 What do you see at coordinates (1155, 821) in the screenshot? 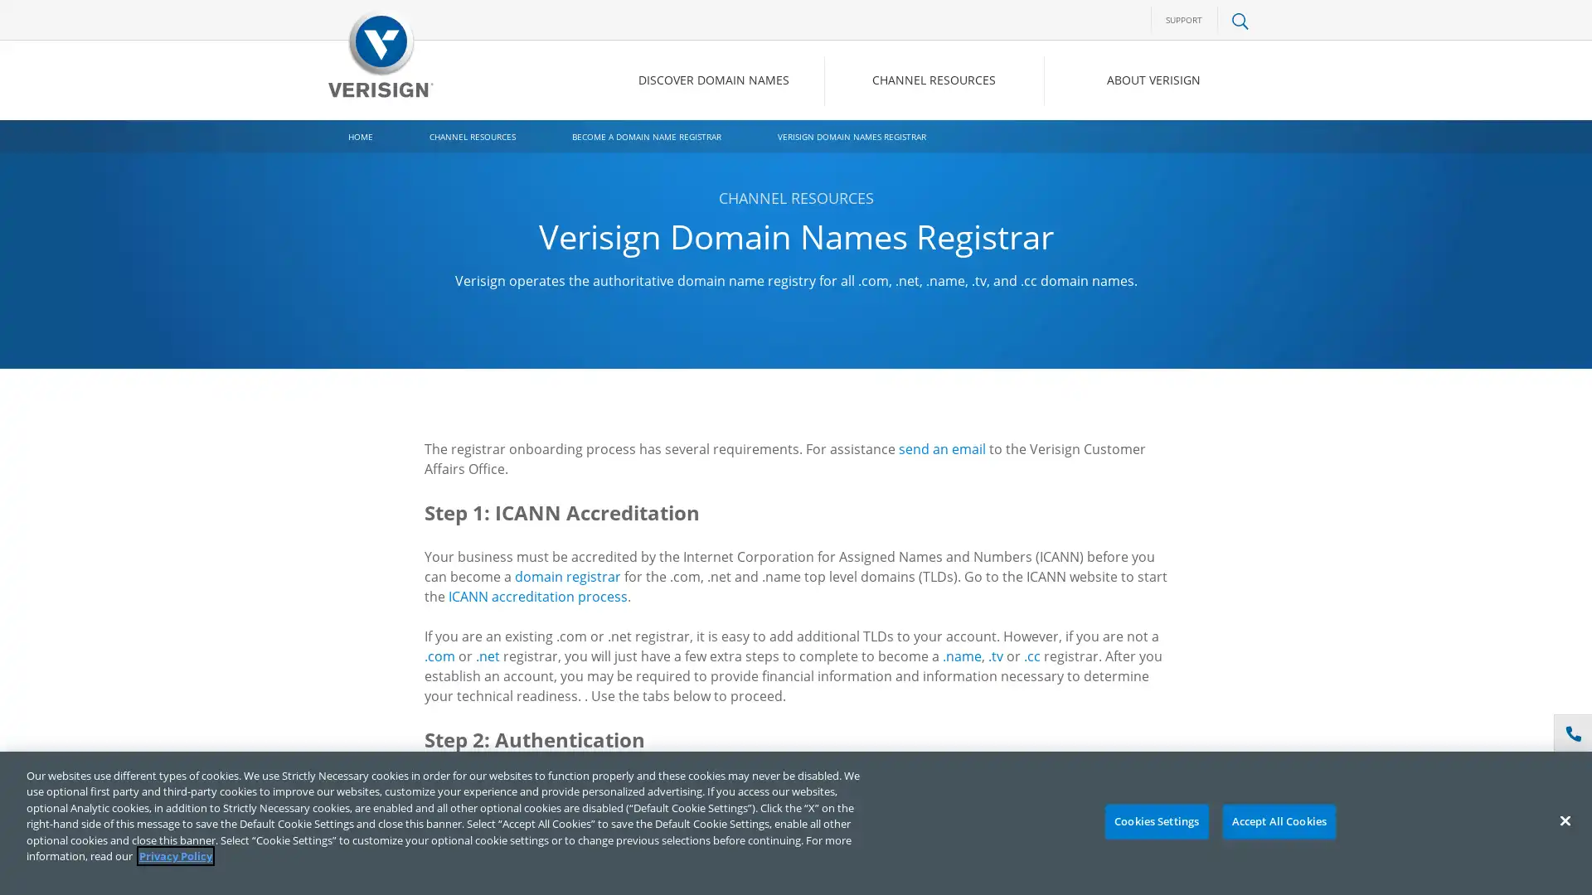
I see `Cookies Settings` at bounding box center [1155, 821].